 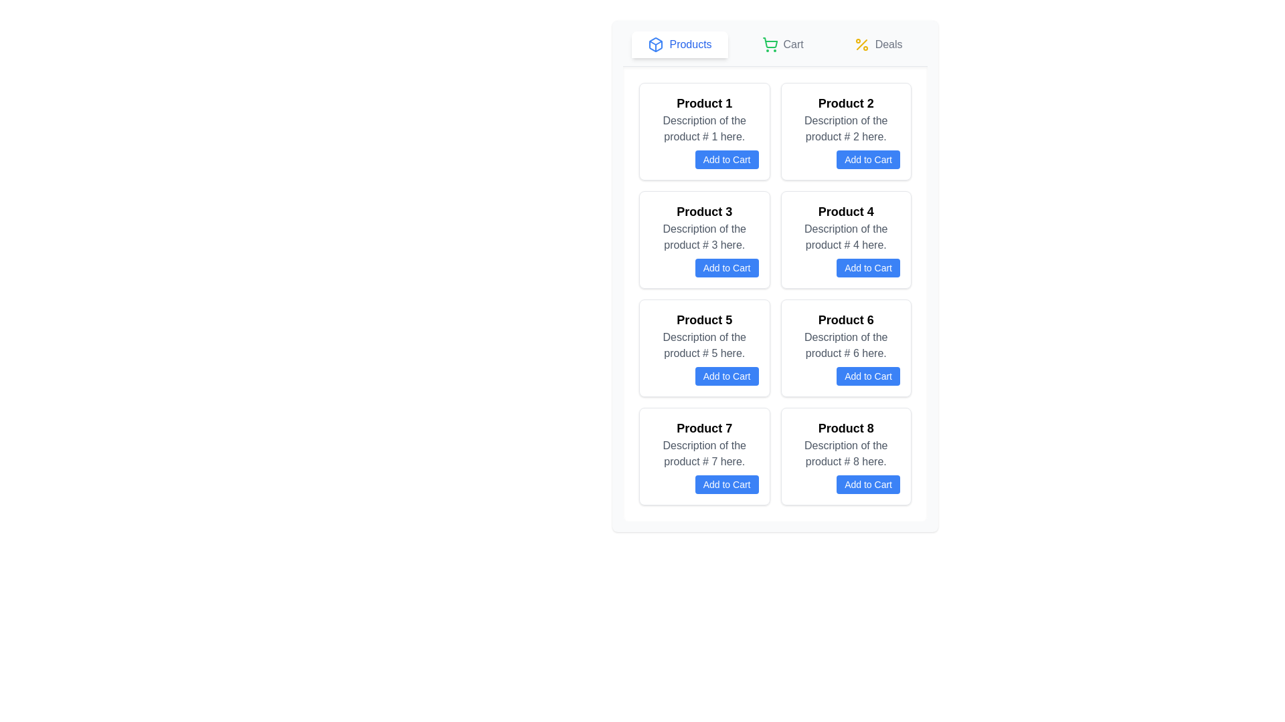 What do you see at coordinates (782, 43) in the screenshot?
I see `the 'Cart' button located in the top navigation bar` at bounding box center [782, 43].